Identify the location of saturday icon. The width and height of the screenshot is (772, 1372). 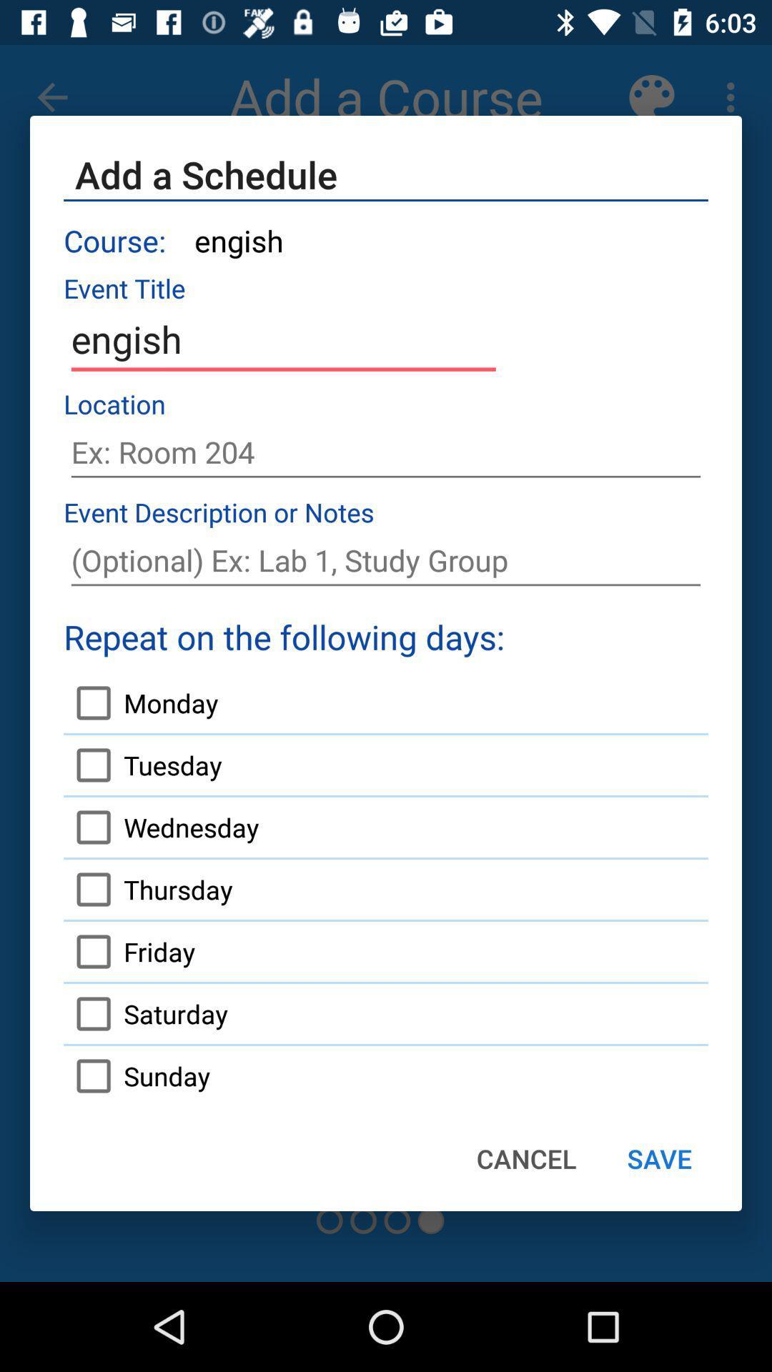
(146, 1013).